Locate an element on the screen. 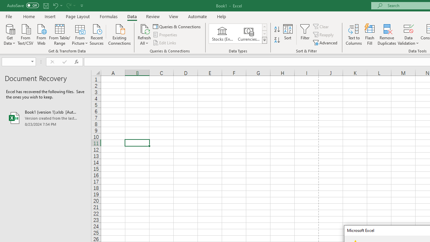 The image size is (430, 242). 'Remove Duplicates' is located at coordinates (387, 35).